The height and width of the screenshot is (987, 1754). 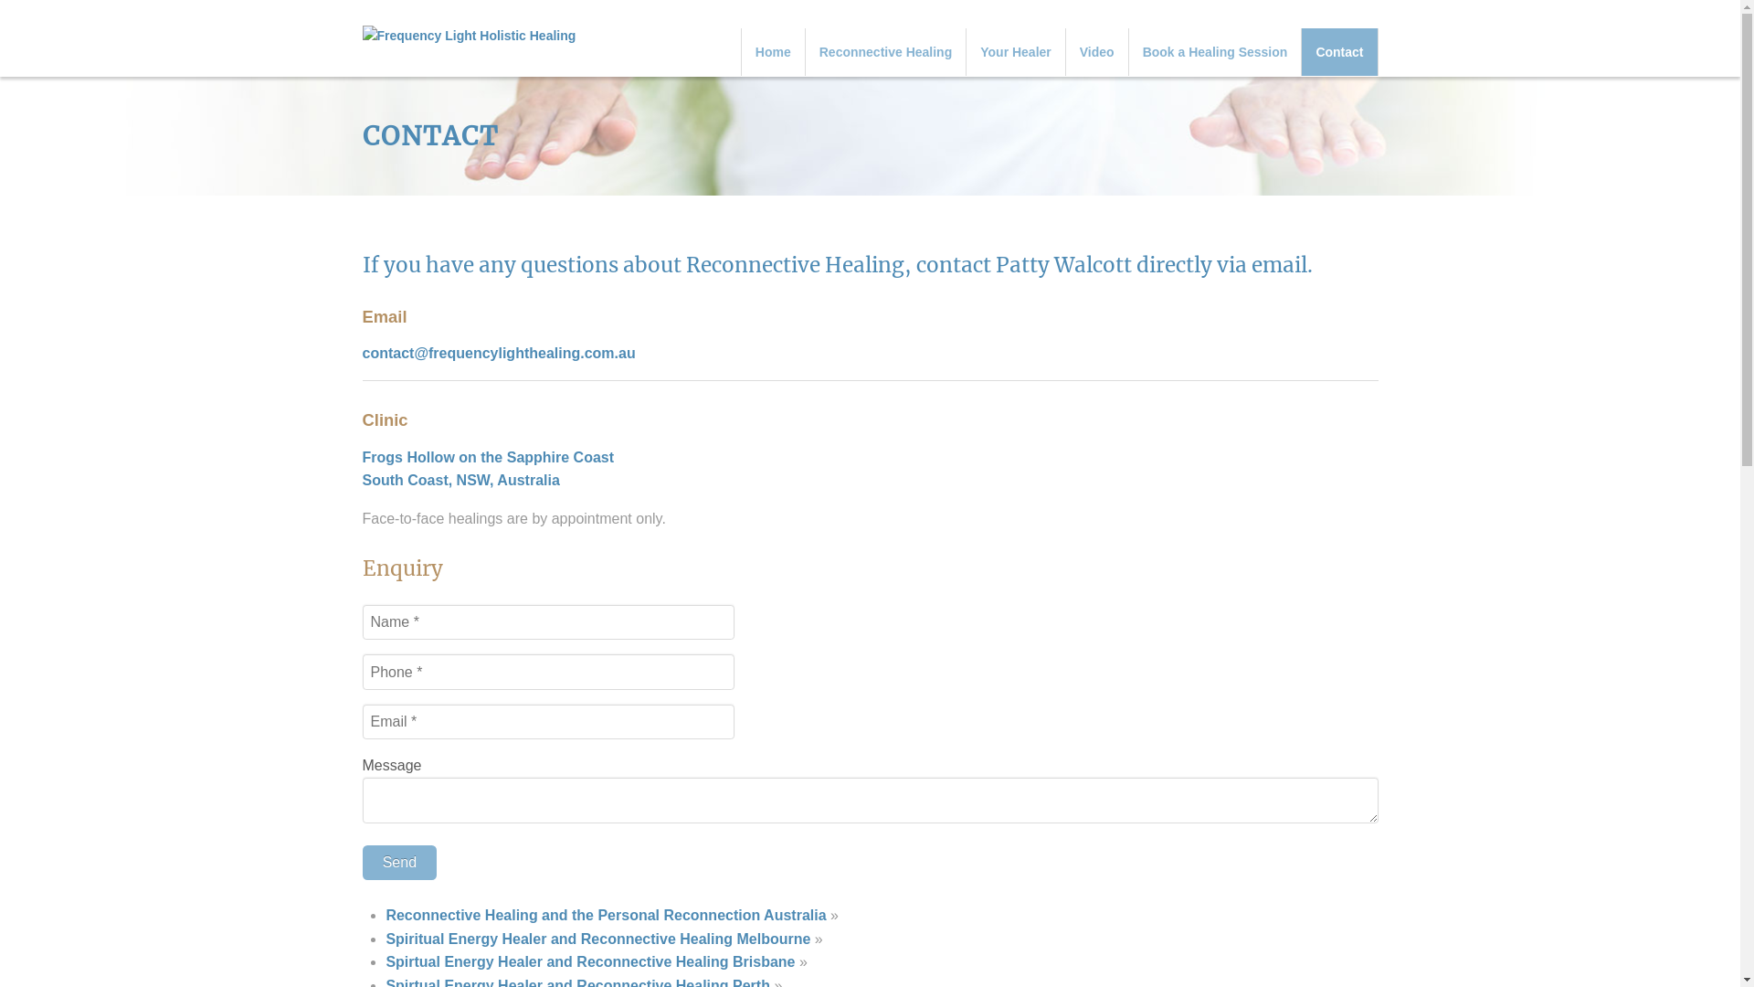 What do you see at coordinates (1096, 51) in the screenshot?
I see `'Video'` at bounding box center [1096, 51].